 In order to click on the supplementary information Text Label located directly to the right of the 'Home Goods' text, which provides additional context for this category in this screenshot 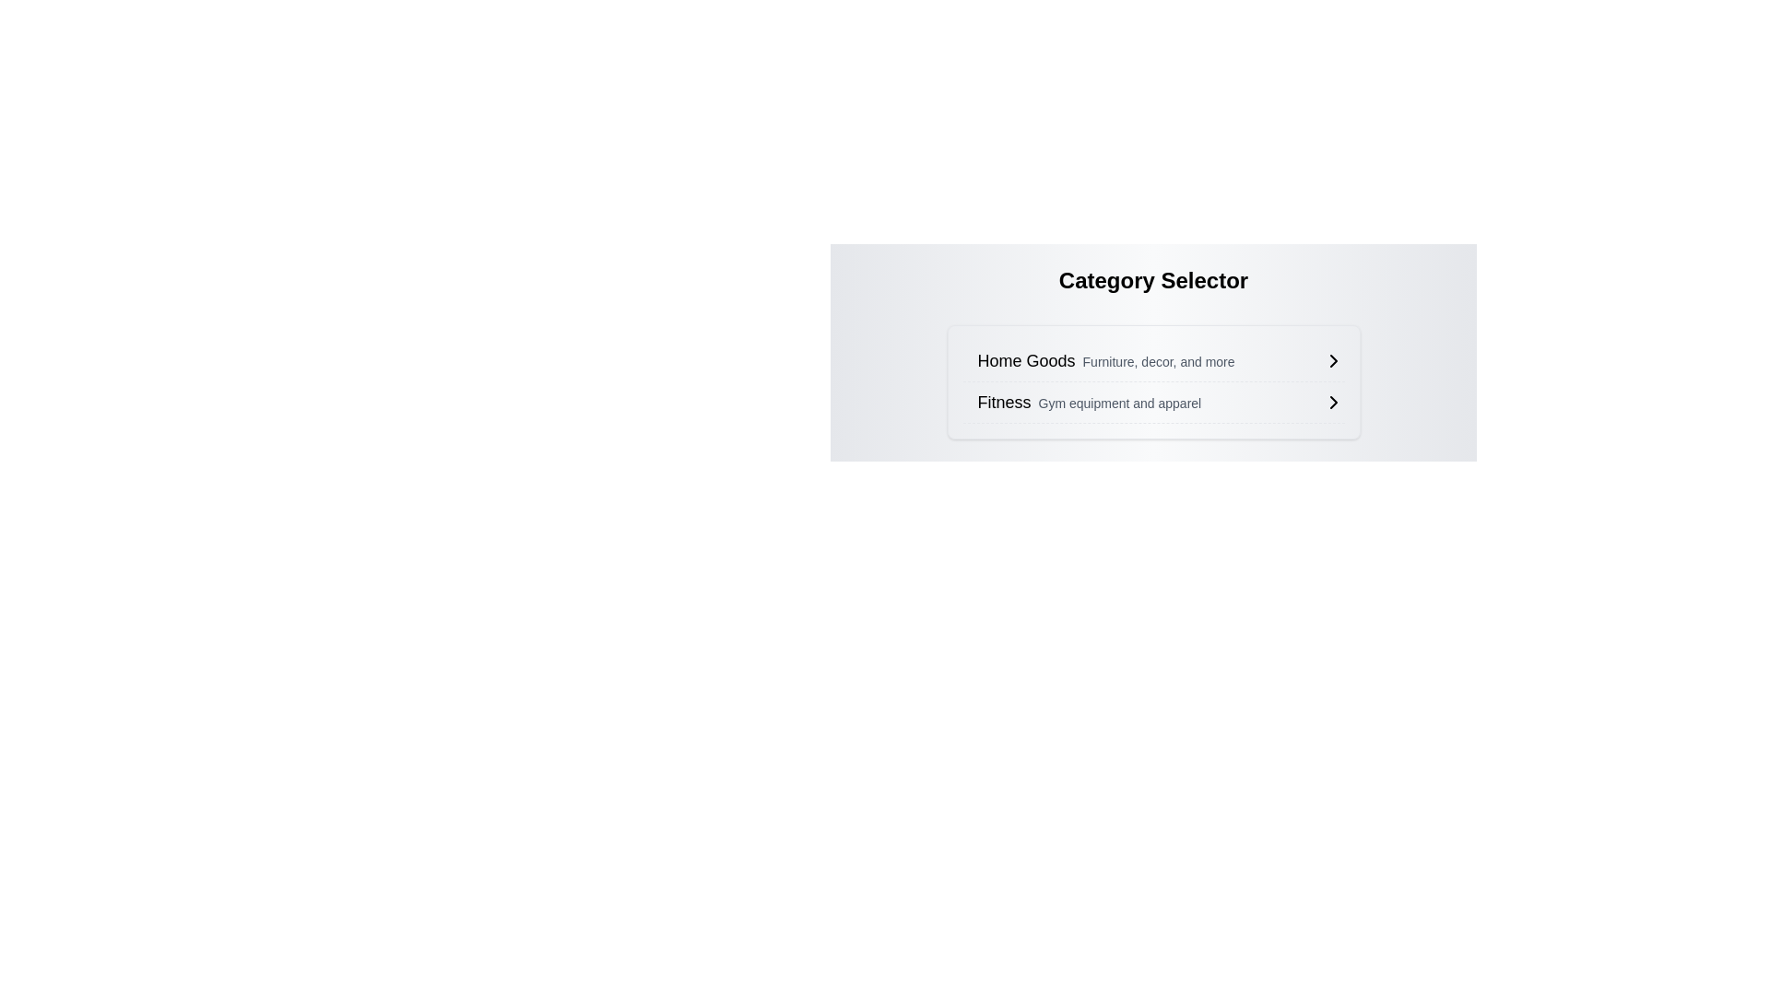, I will do `click(1158, 362)`.